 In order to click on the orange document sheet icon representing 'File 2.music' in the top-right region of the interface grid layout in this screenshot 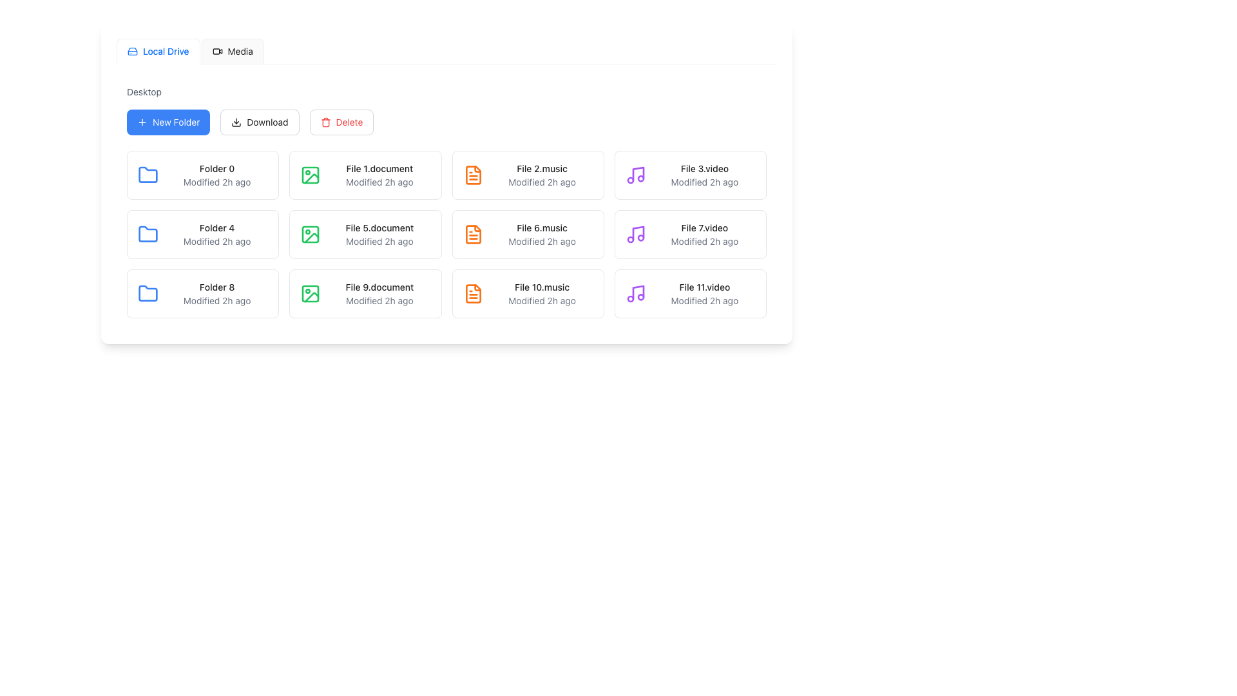, I will do `click(472, 175)`.